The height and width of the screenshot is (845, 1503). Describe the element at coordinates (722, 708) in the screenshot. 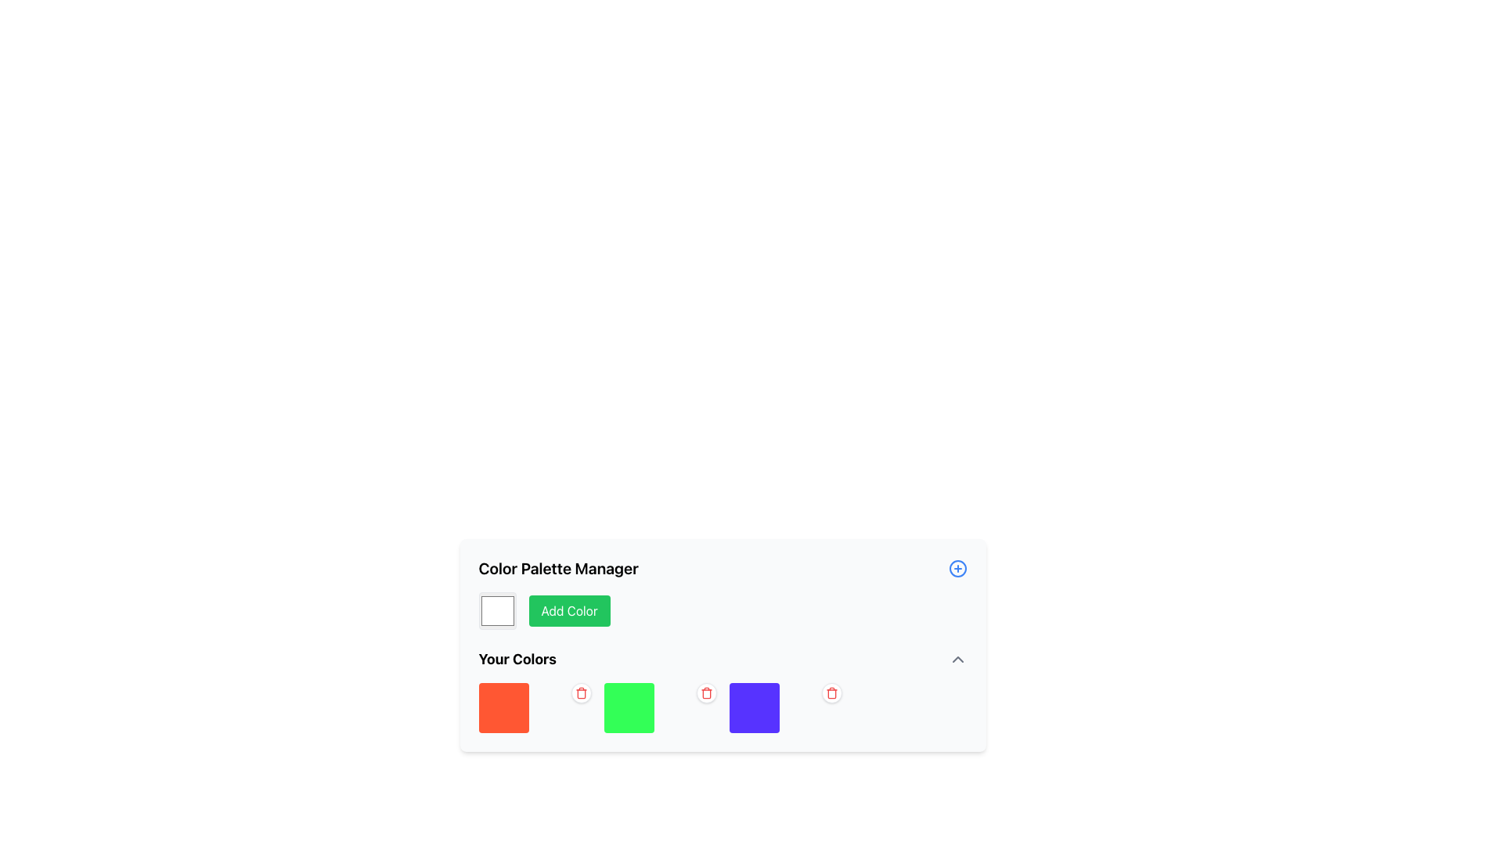

I see `the delete icon located at the top-right corner of the blue color block in the Grid section of 'Your Colors'` at that location.